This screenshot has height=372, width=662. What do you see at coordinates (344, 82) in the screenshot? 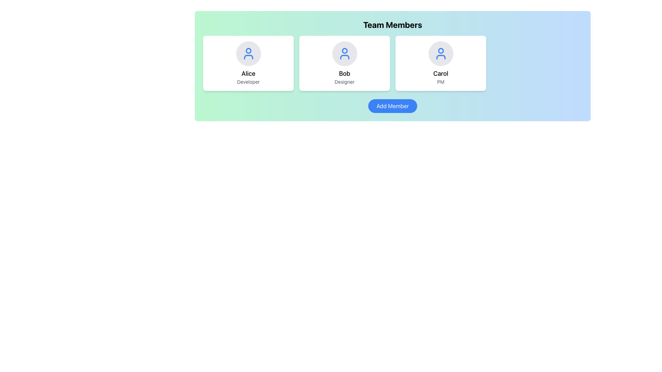
I see `the text label that reads 'Designer', which is styled in a small gray font and positioned below the name 'Bob' within the user details card` at bounding box center [344, 82].